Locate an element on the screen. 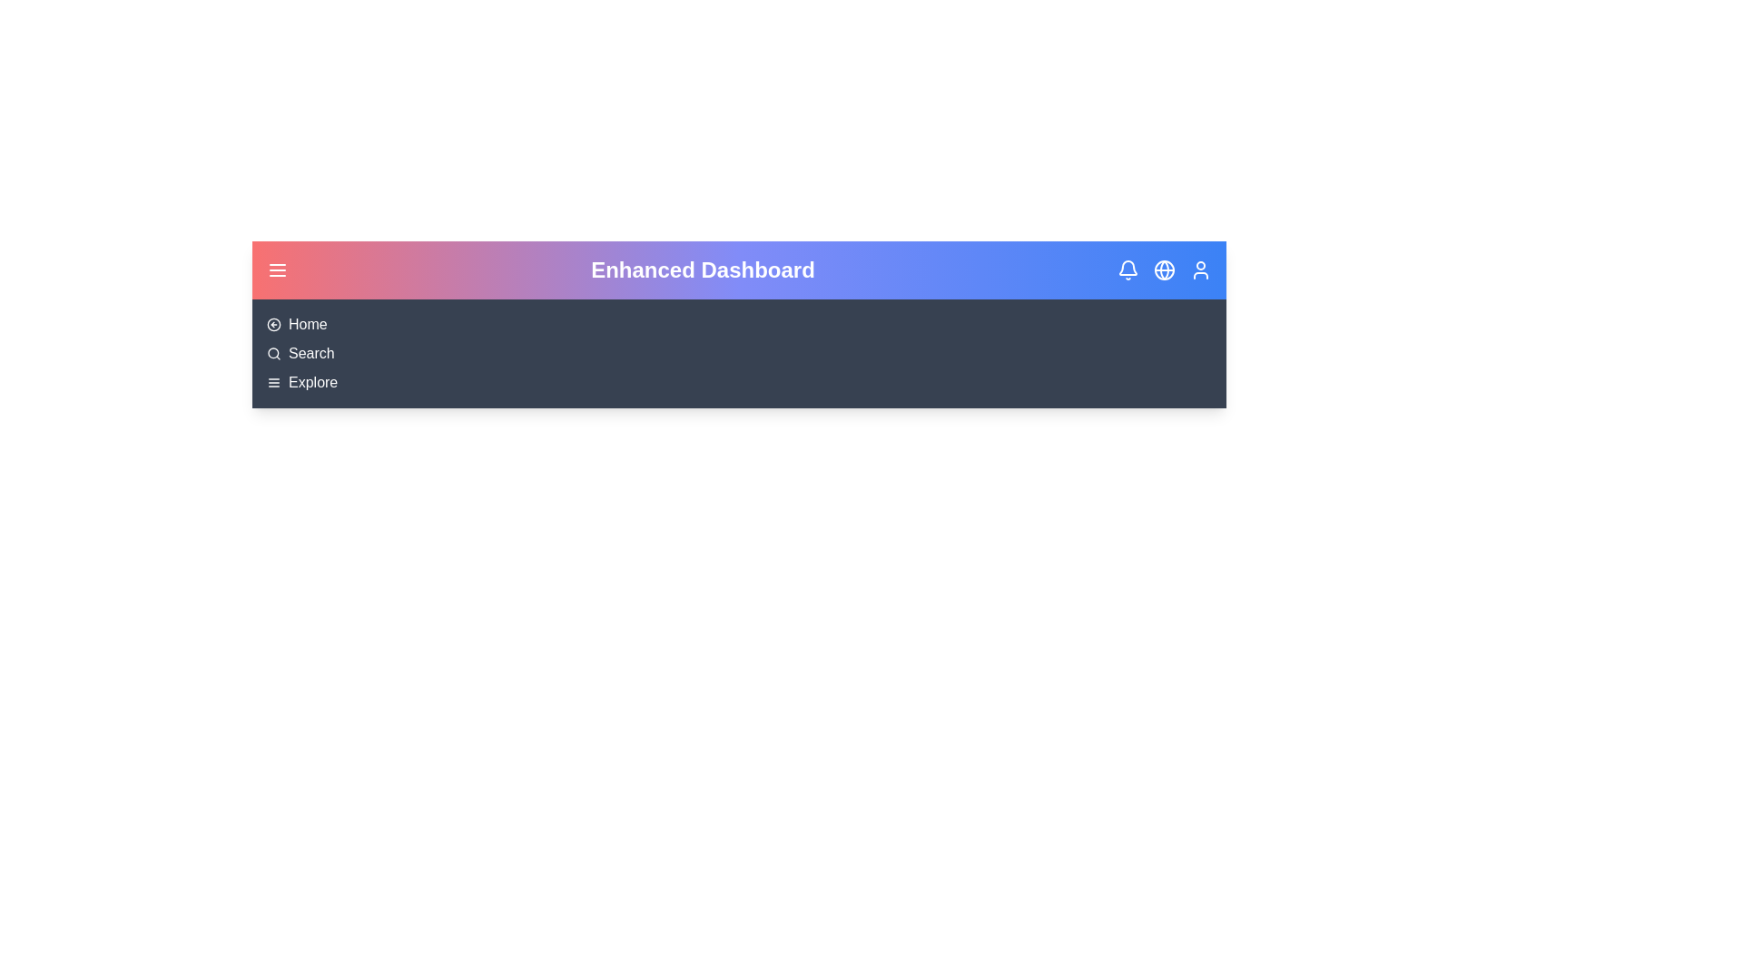 This screenshot has width=1743, height=980. the menu element is located at coordinates (277, 269).